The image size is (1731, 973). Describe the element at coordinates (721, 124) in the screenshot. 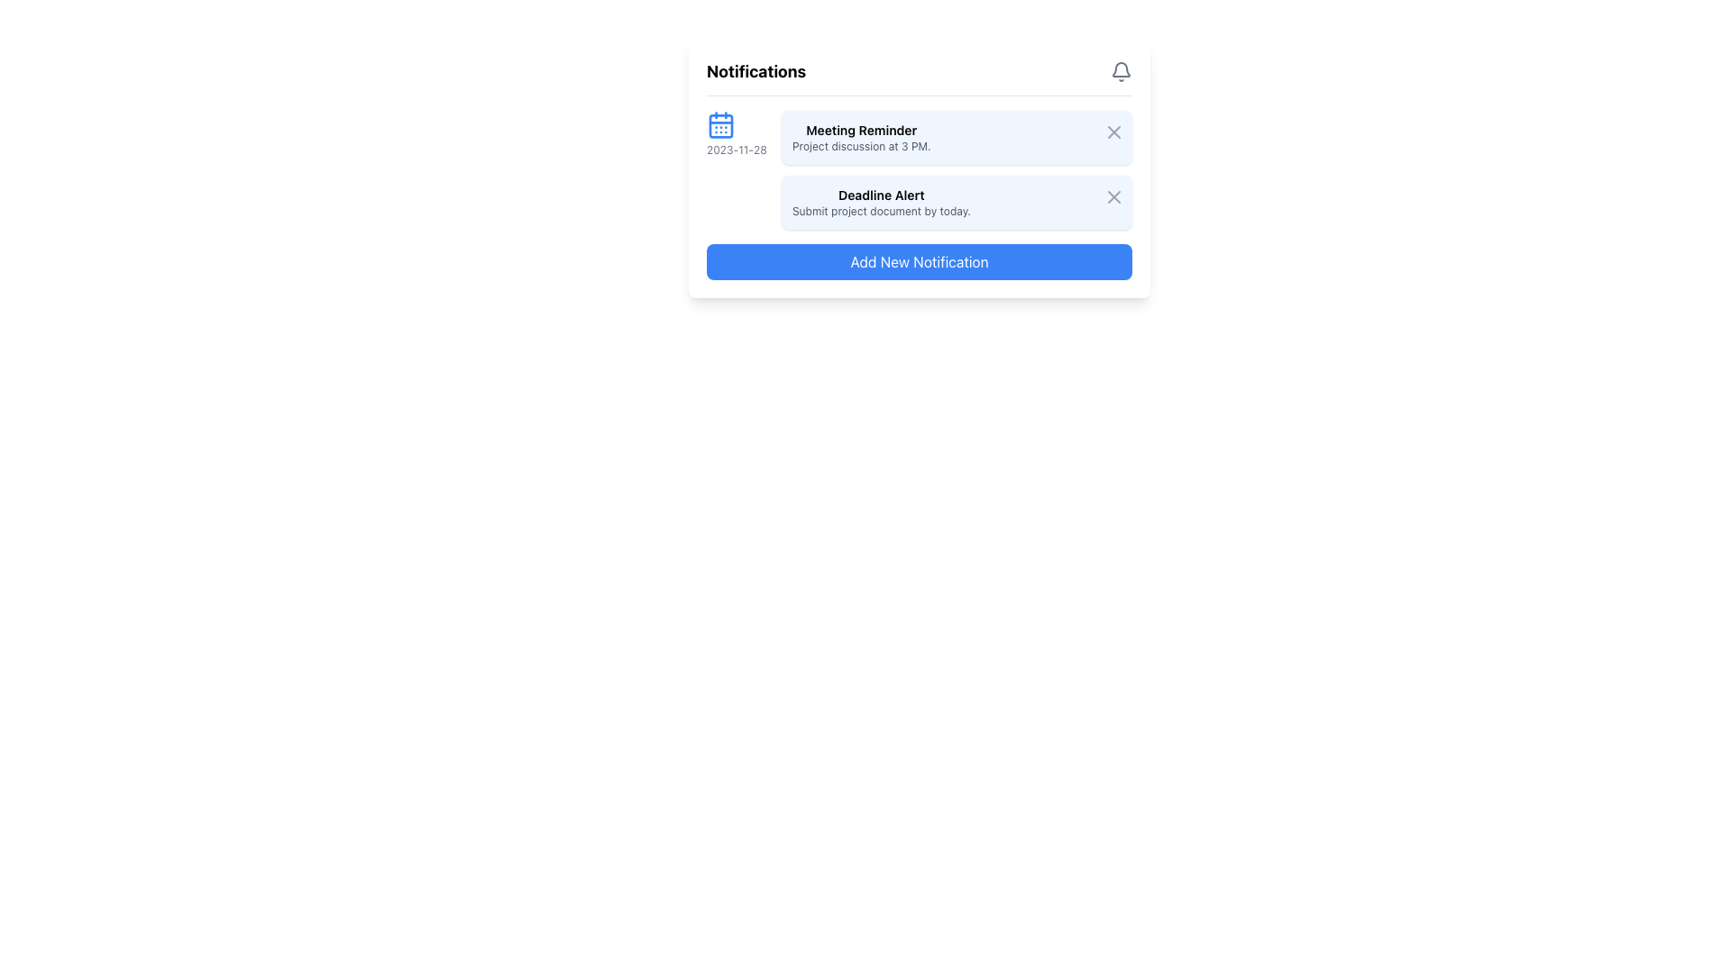

I see `the central rectangular shape within the calendar icon that has a rounded rectangular border` at that location.